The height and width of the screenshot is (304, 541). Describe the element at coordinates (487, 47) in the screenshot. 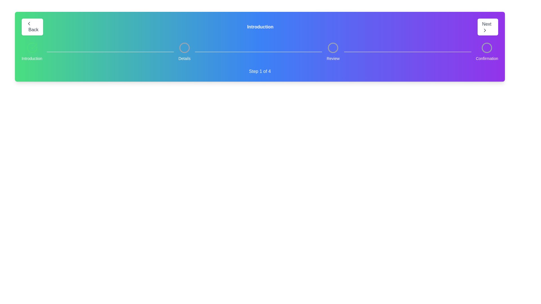

I see `the graphical circular indicator that represents the final step in a multi-step process, located under the progress tracker, to the right of the 'Review' step circle` at that location.